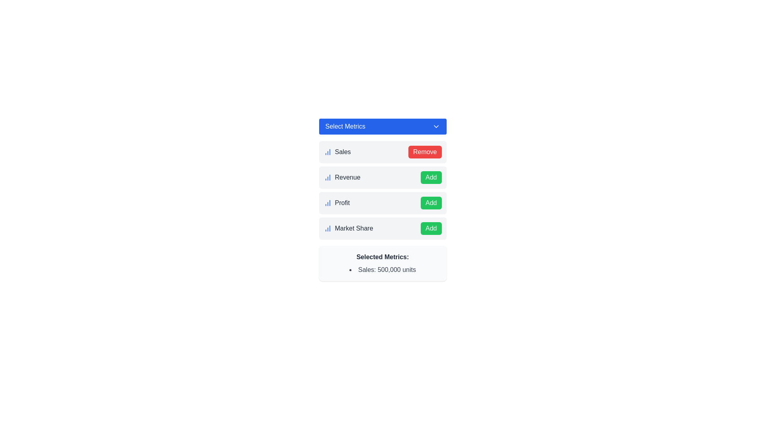 This screenshot has height=430, width=765. I want to click on the 'Profit' section, which is the third item in the vertical listing of metrics within the modal dialog, so click(382, 199).